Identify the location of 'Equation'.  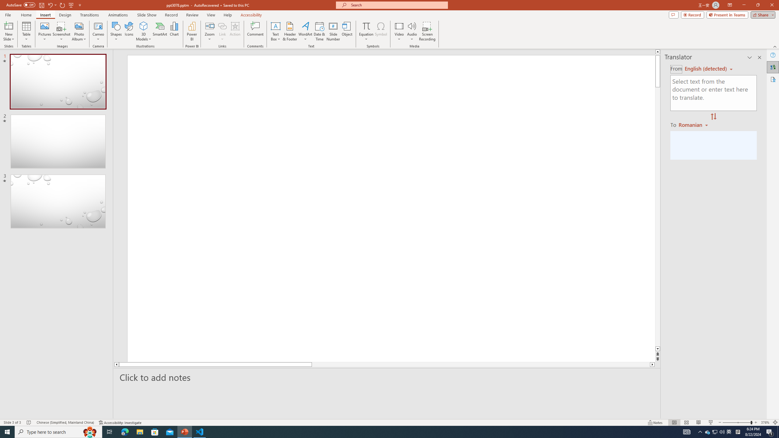
(366, 31).